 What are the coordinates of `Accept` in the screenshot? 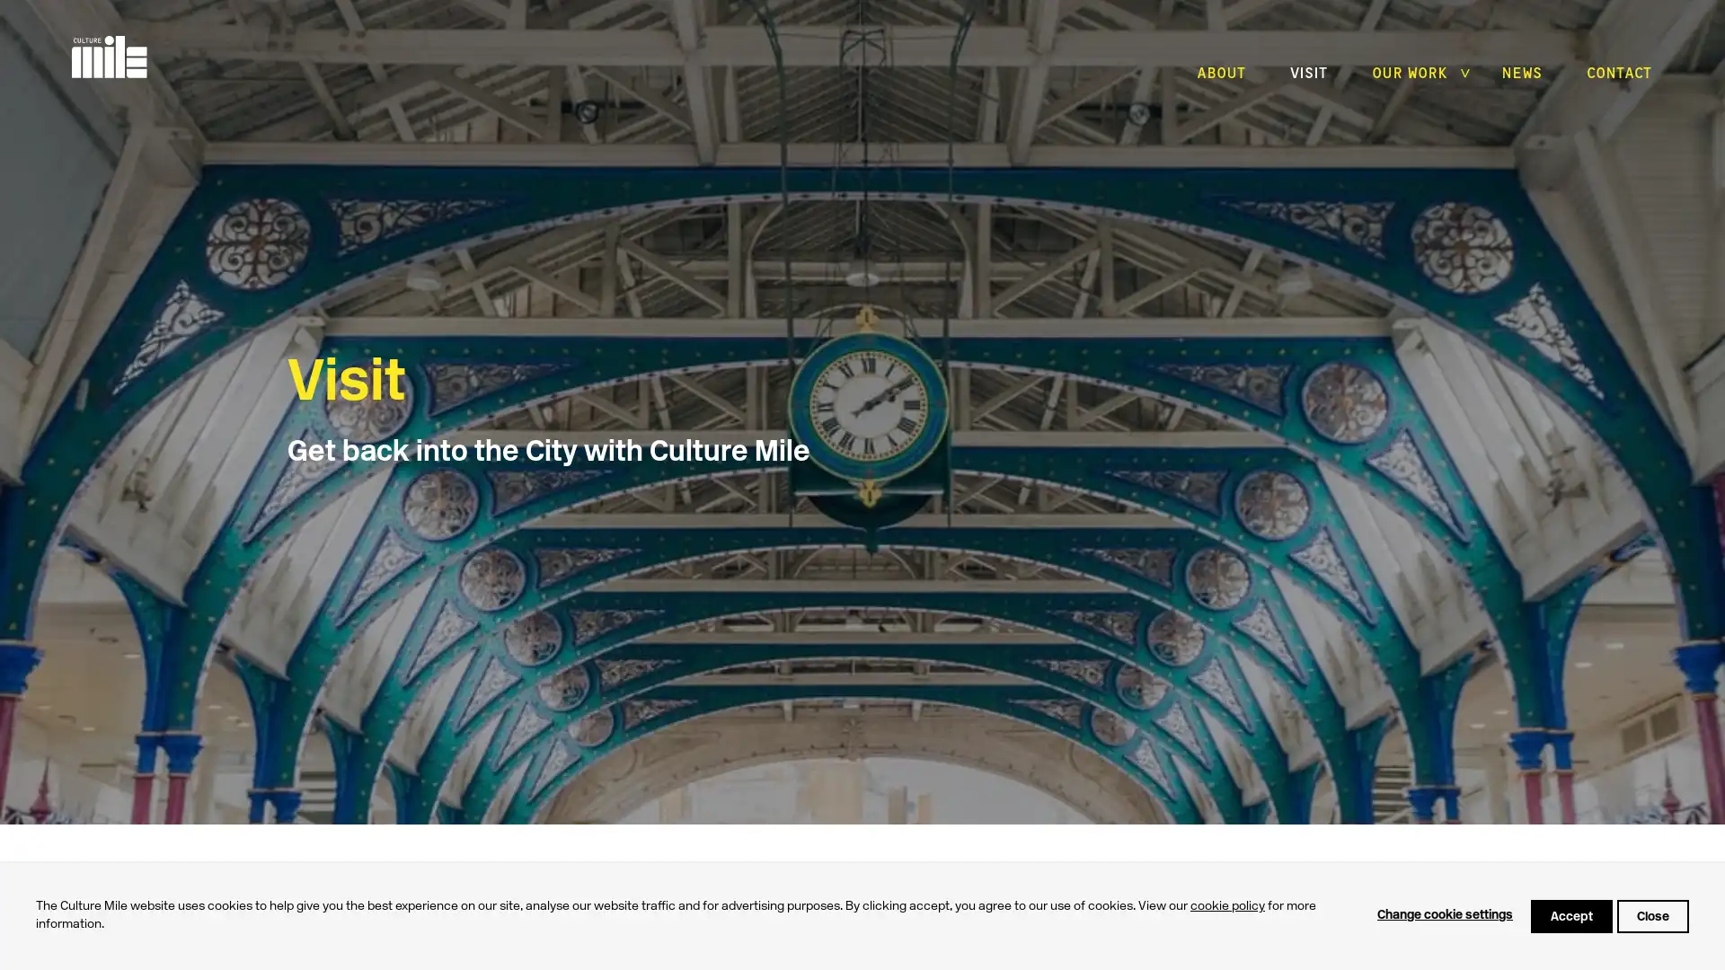 It's located at (1570, 915).